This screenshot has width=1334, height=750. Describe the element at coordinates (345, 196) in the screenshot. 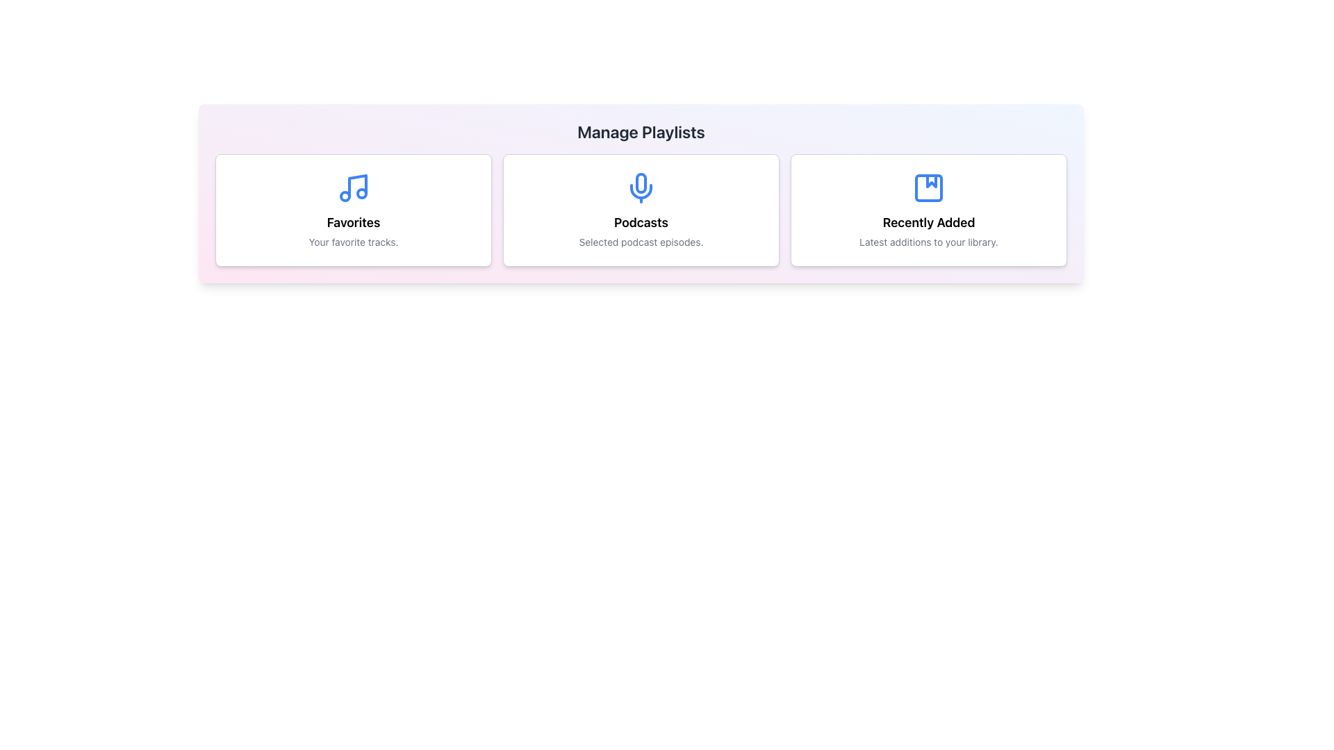

I see `the small circular shape located at the bottom-left of the musical note icon in the 'Favorites' tile within the 'Manage Playlists' section` at that location.